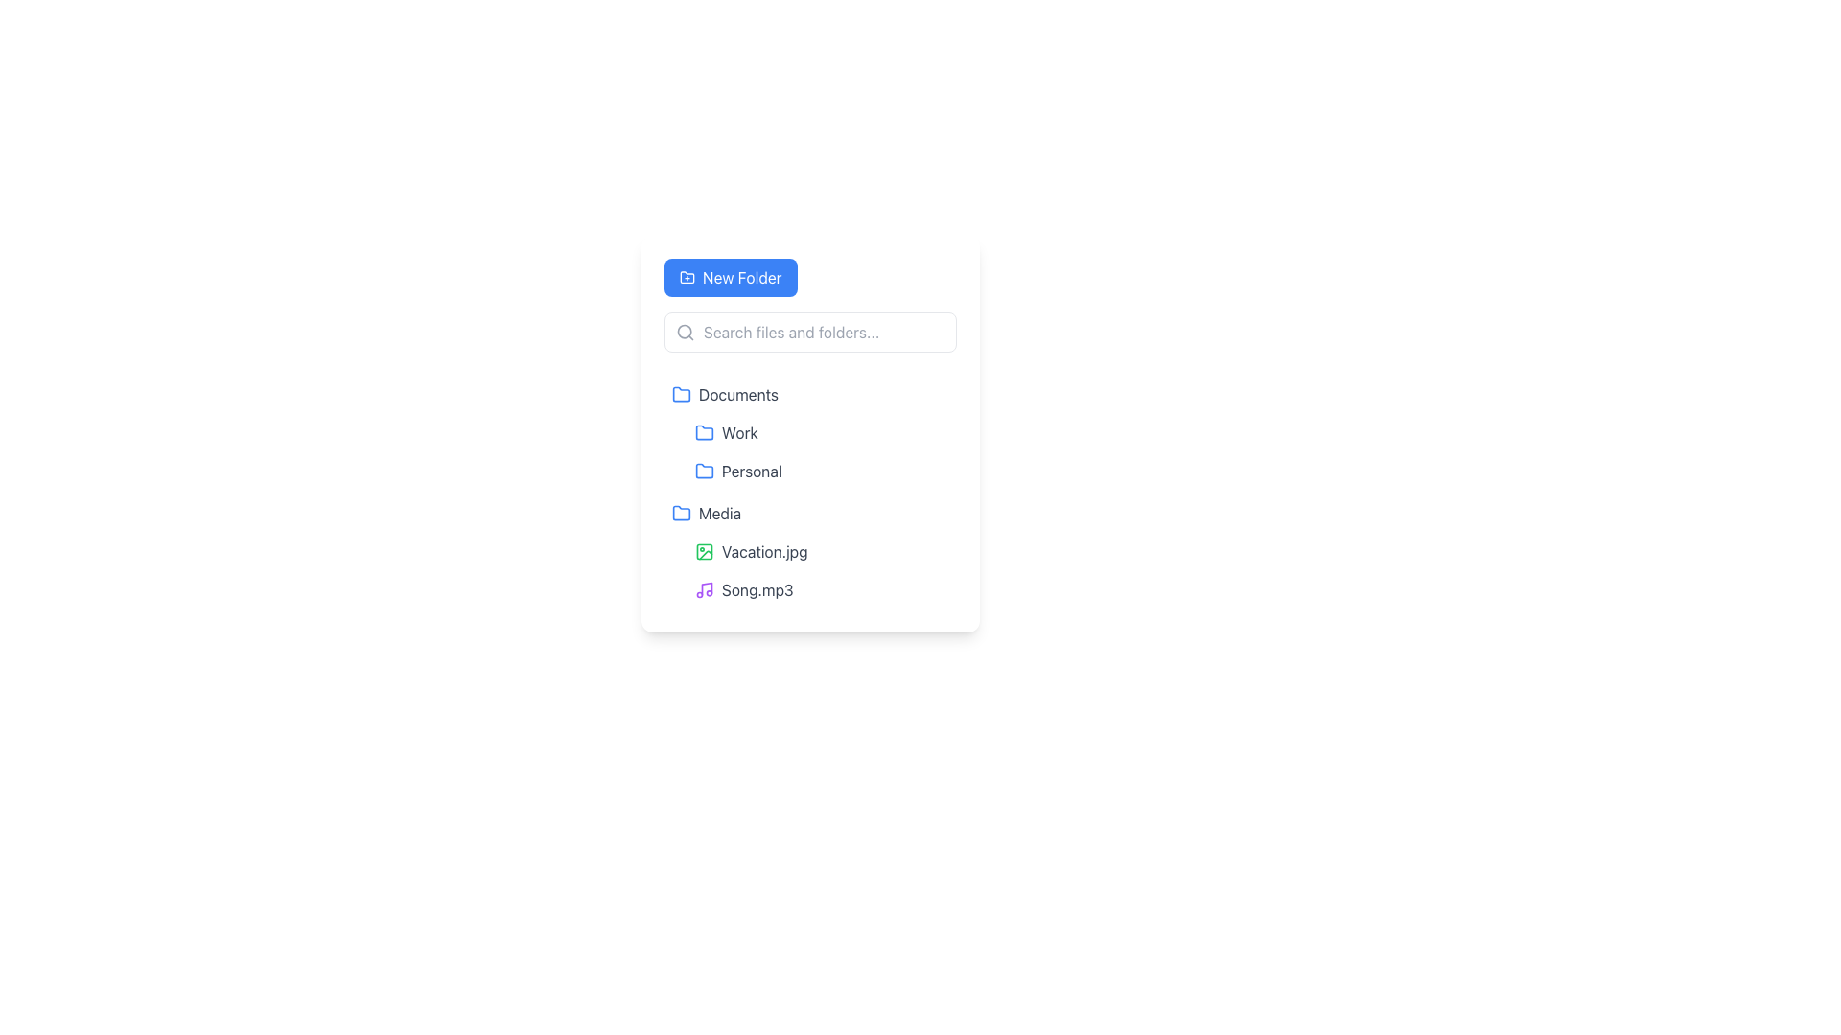 This screenshot has height=1035, width=1841. I want to click on the 'New Folder' button, so click(730, 277).